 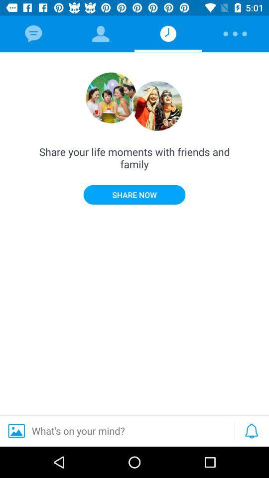 What do you see at coordinates (134, 194) in the screenshot?
I see `share now icon` at bounding box center [134, 194].